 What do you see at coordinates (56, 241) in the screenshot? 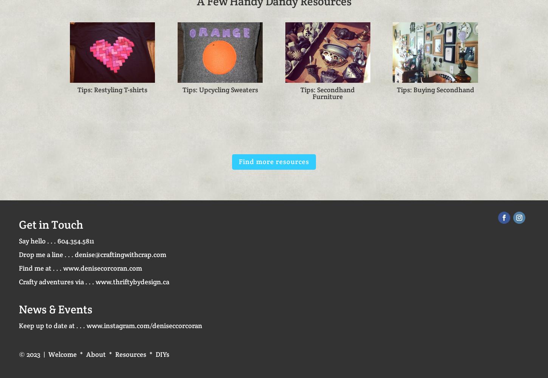
I see `'Say hello . . . 604.354.5811'` at bounding box center [56, 241].